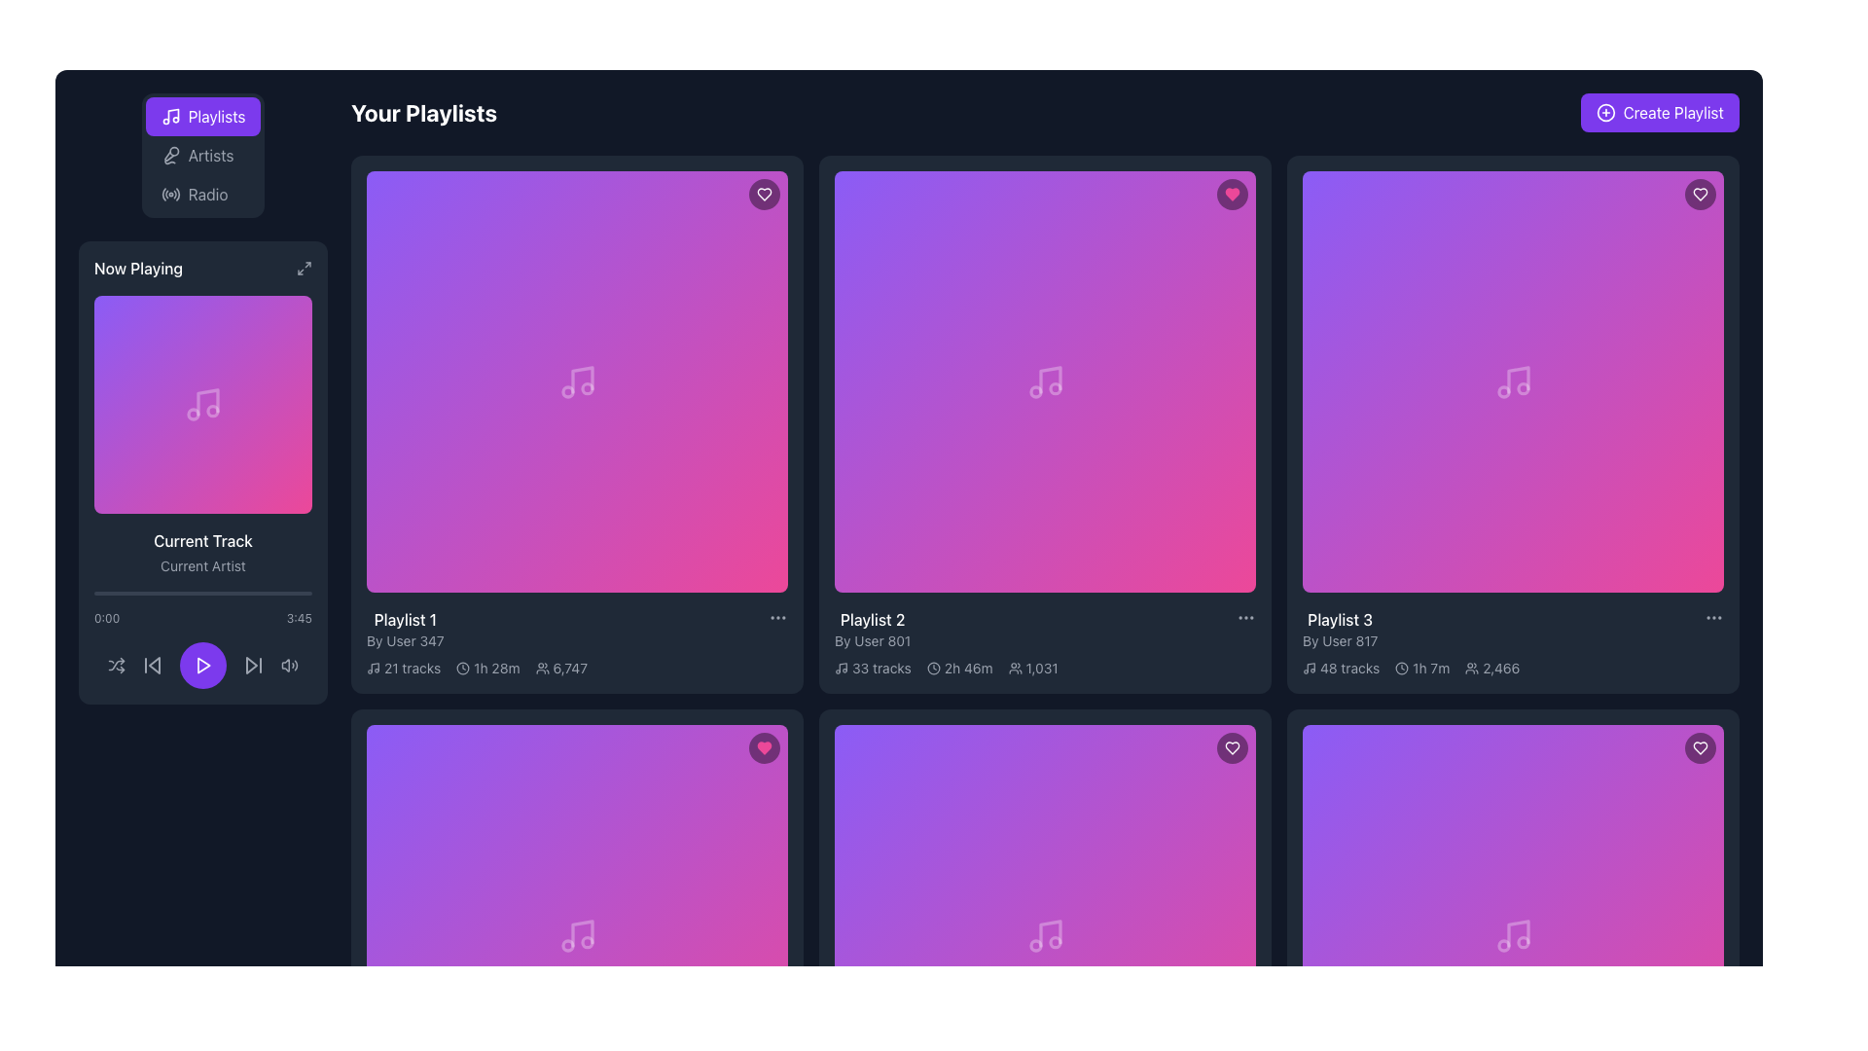 The width and height of the screenshot is (1868, 1051). What do you see at coordinates (303, 269) in the screenshot?
I see `the maximization icon in the top-right corner of the 'Now Playing' section of the sidebar` at bounding box center [303, 269].